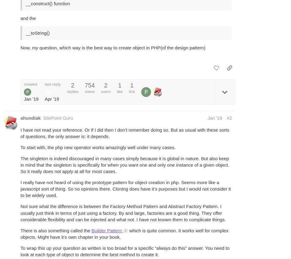 Image resolution: width=291 pixels, height=259 pixels. Describe the element at coordinates (105, 91) in the screenshot. I see `'users'` at that location.